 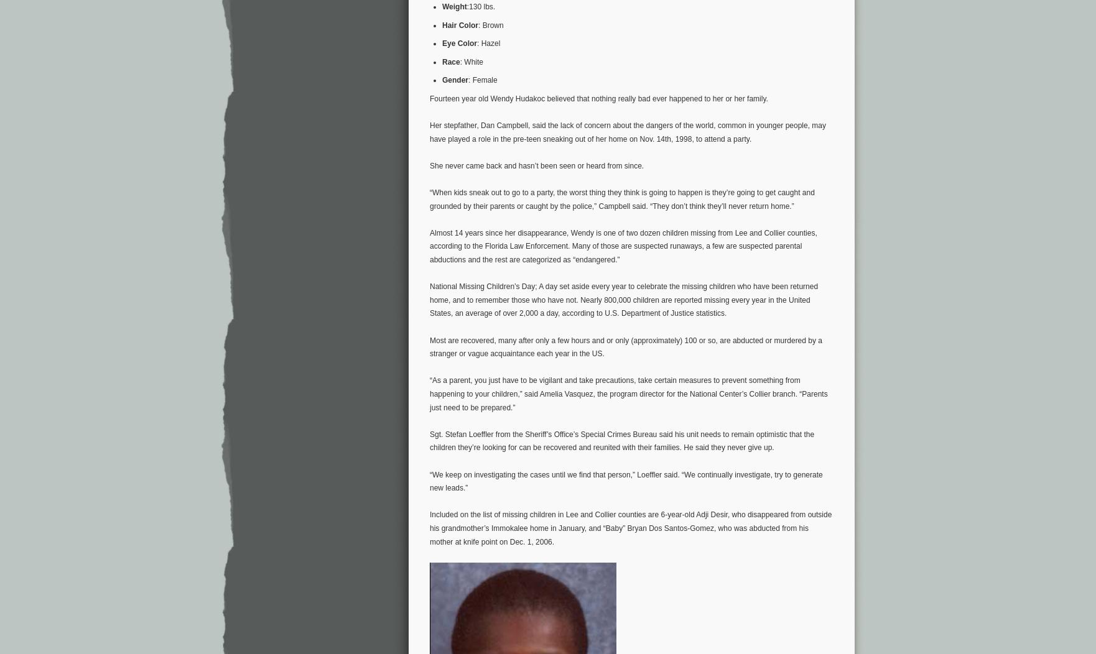 I want to click on 'She never came back and hasn’t been seen or heard from since.', so click(x=536, y=165).